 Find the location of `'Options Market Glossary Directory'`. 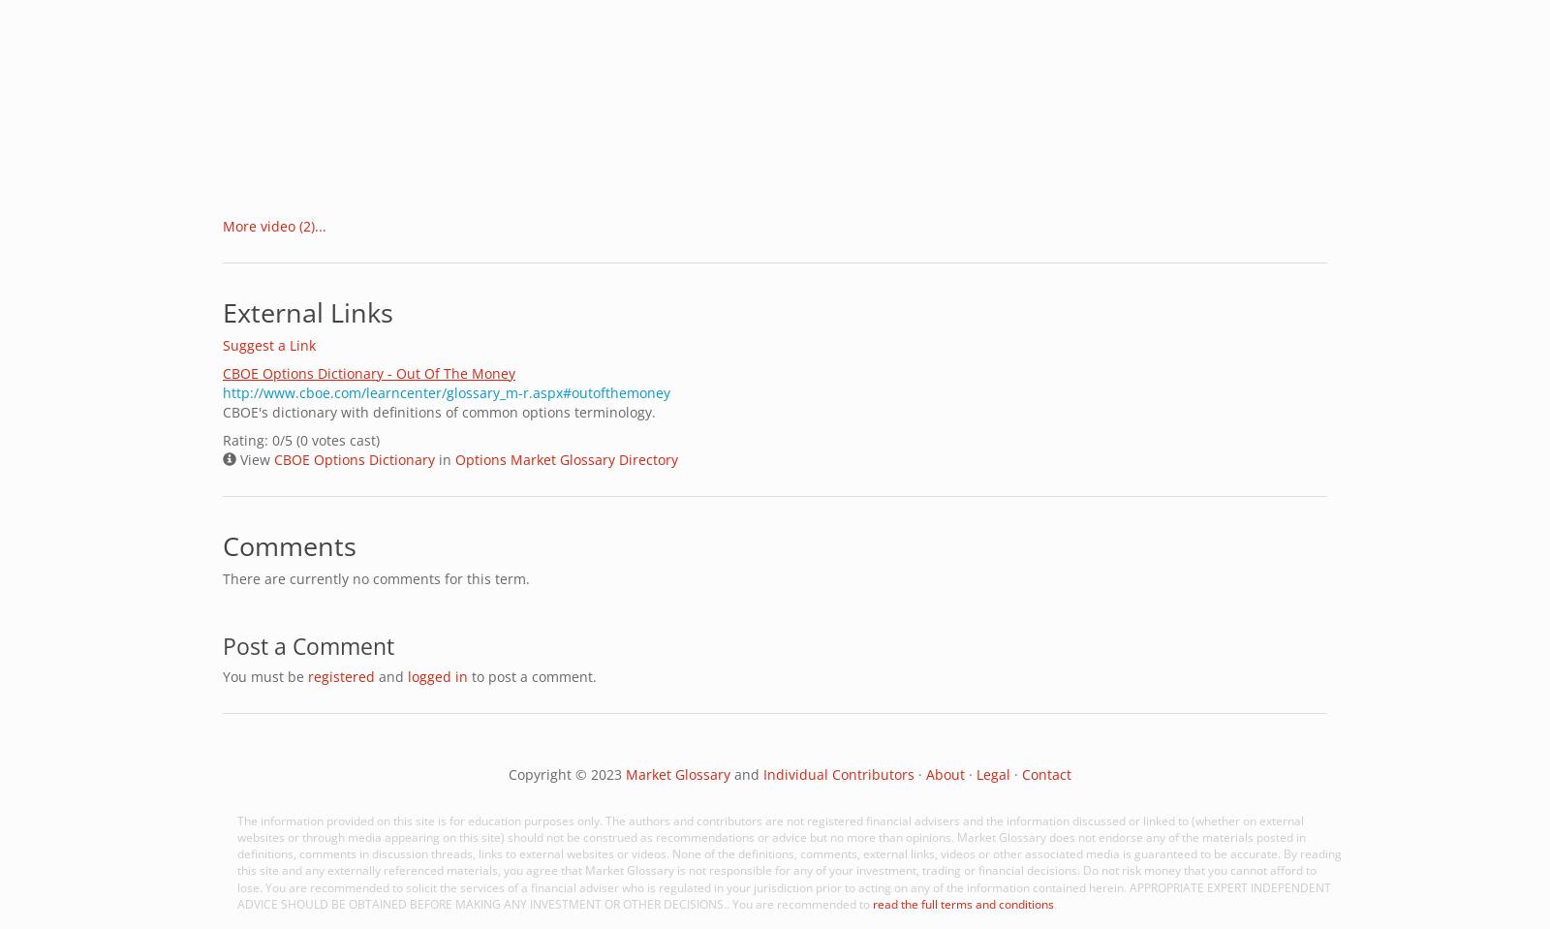

'Options Market Glossary Directory' is located at coordinates (565, 458).